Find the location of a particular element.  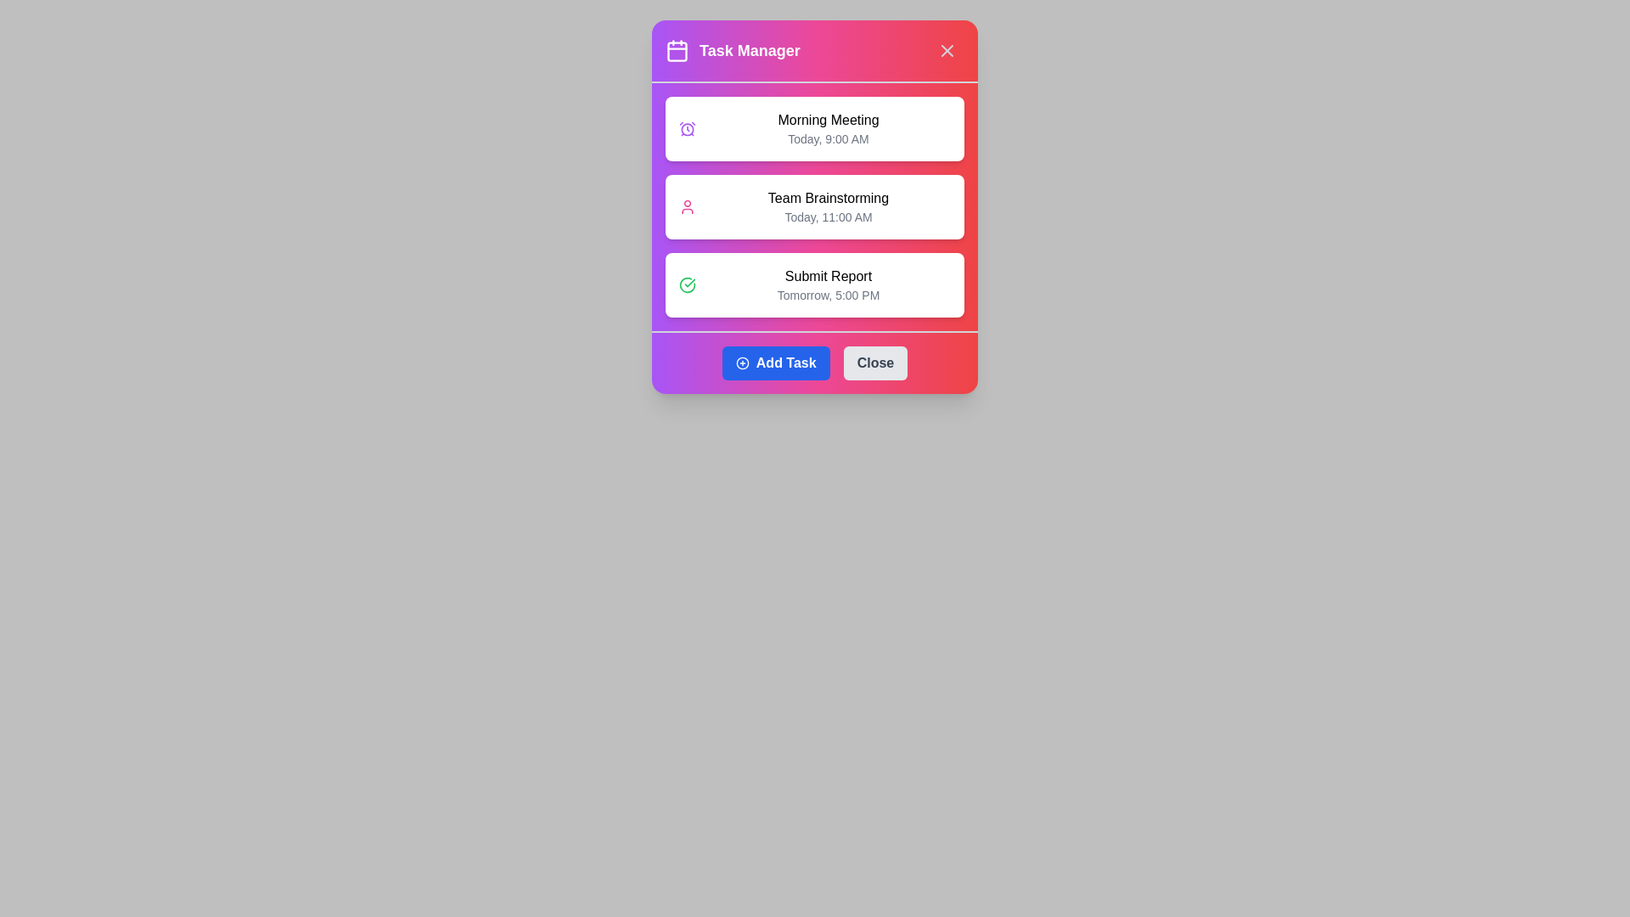

the 'Submit Report' label, which is displayed in bold font within the white card interface of the Task Manager modal is located at coordinates (828, 276).